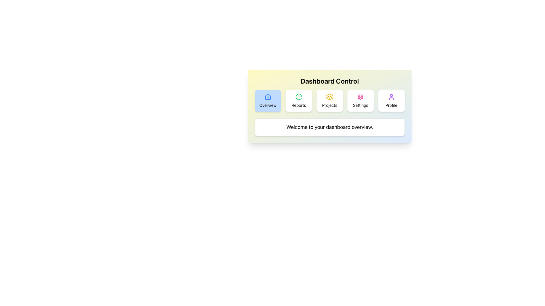  I want to click on the house icon located within the blue rectangular 'Overview' button at the center-top area of the interface, so click(267, 97).